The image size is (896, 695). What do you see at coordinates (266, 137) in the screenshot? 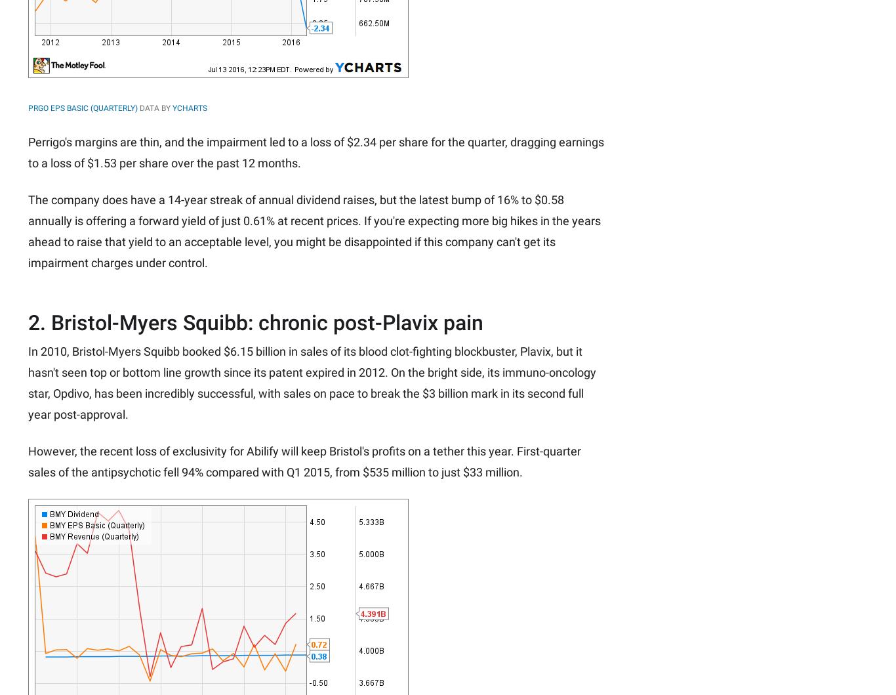
I see `'Advertise'` at bounding box center [266, 137].